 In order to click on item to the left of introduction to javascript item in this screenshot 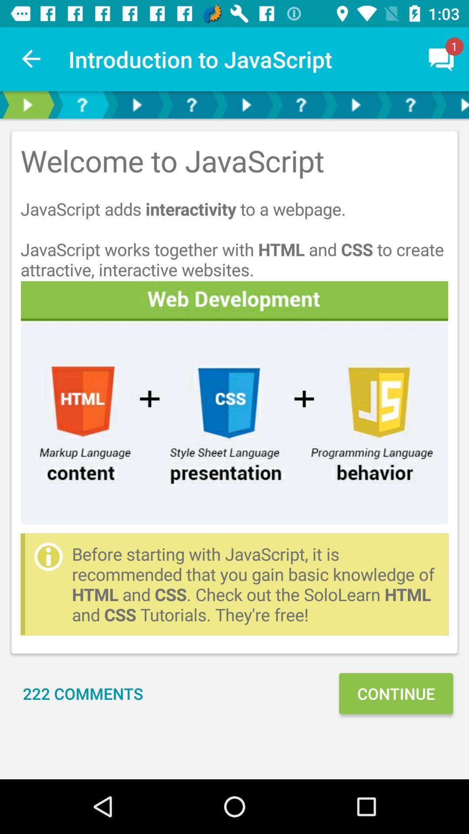, I will do `click(31, 59)`.